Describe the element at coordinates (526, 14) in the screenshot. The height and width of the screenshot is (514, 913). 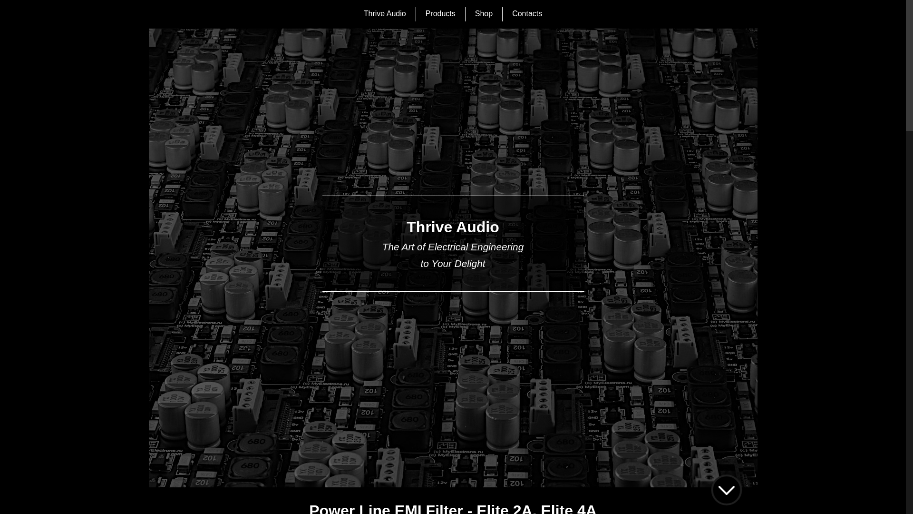
I see `'Contacts'` at that location.